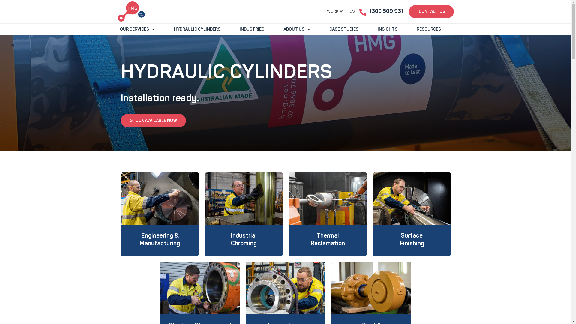 The width and height of the screenshot is (576, 324). I want to click on '1300 509 931', so click(386, 11).